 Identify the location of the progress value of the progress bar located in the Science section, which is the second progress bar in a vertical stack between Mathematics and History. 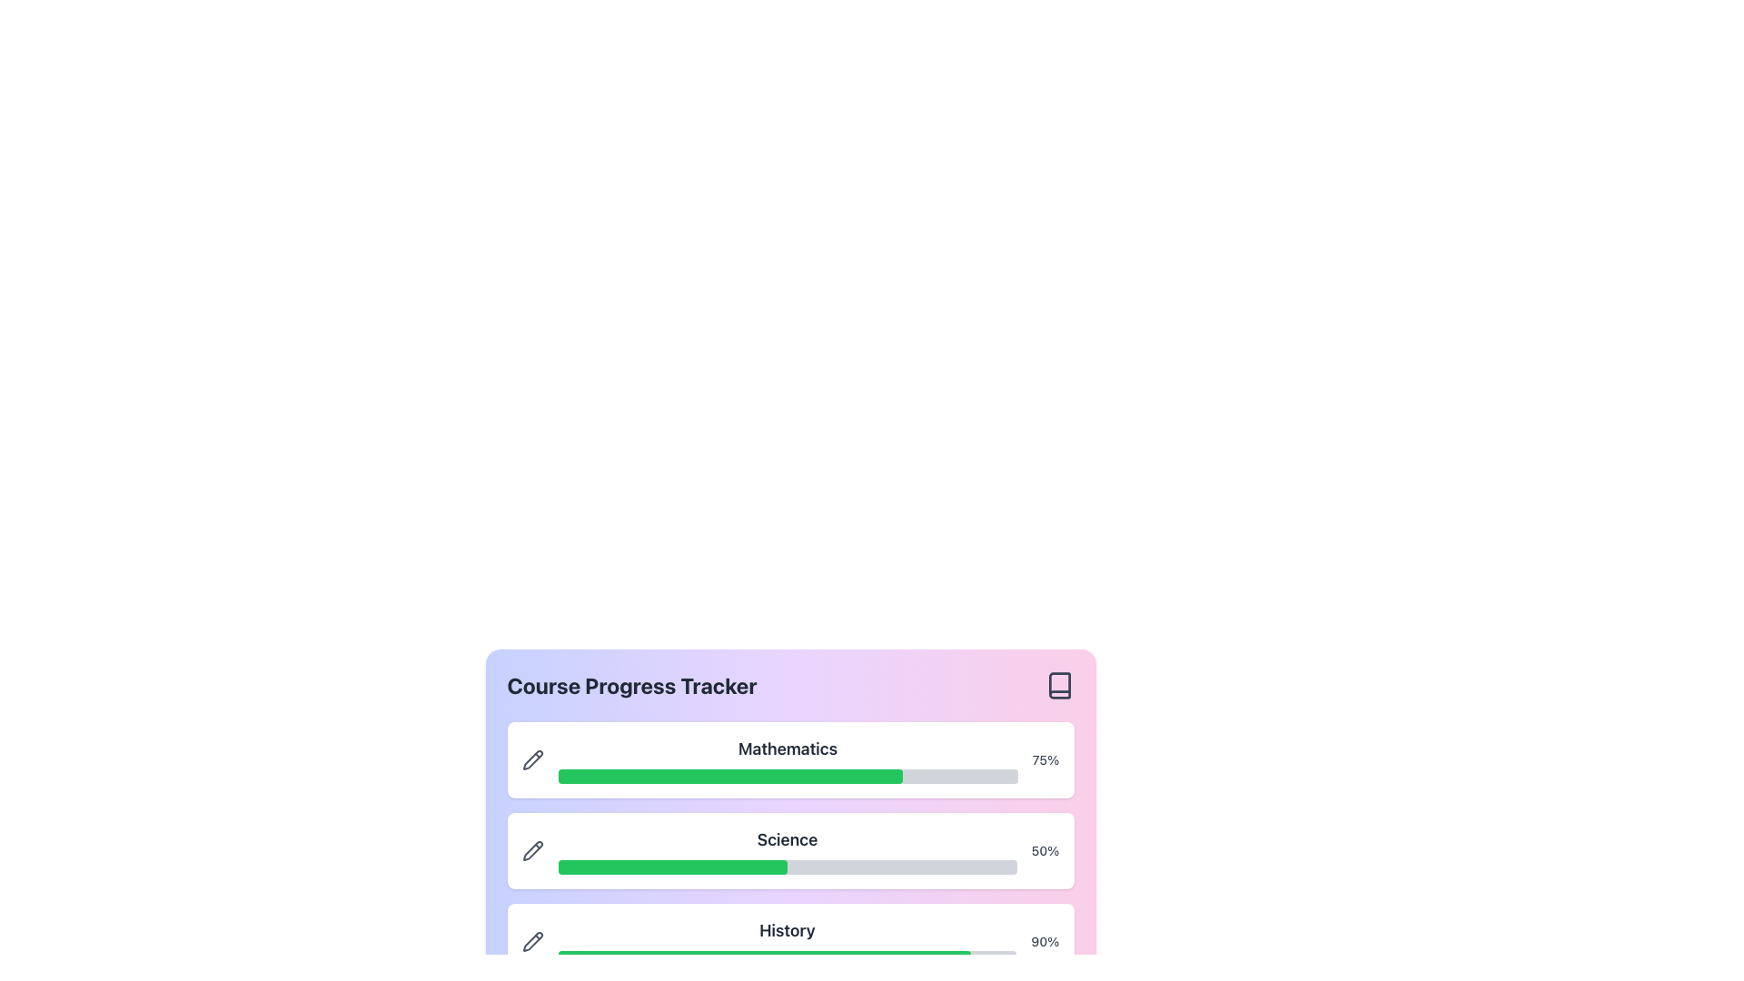
(788, 867).